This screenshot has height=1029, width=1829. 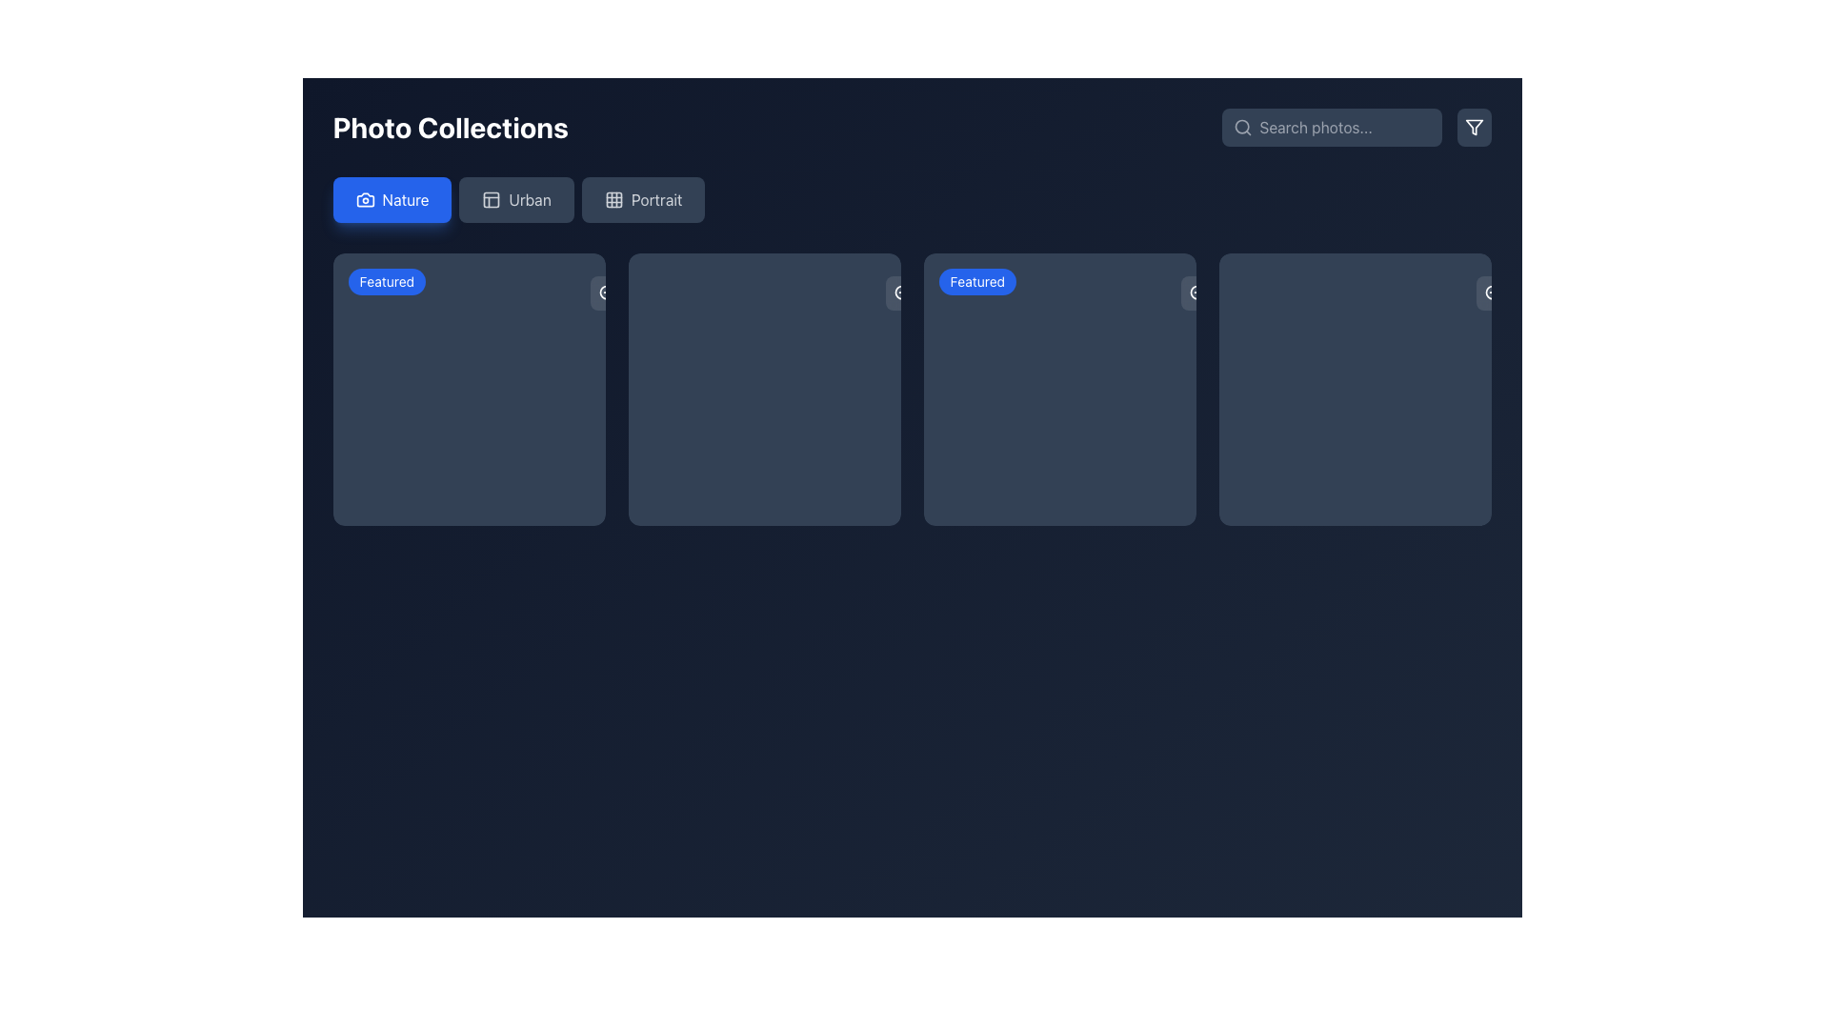 What do you see at coordinates (516, 199) in the screenshot?
I see `the 'Urban' category filter button, which is the second button in a horizontal row between 'Nature' and 'Portrait', to trigger potential visual feedback` at bounding box center [516, 199].